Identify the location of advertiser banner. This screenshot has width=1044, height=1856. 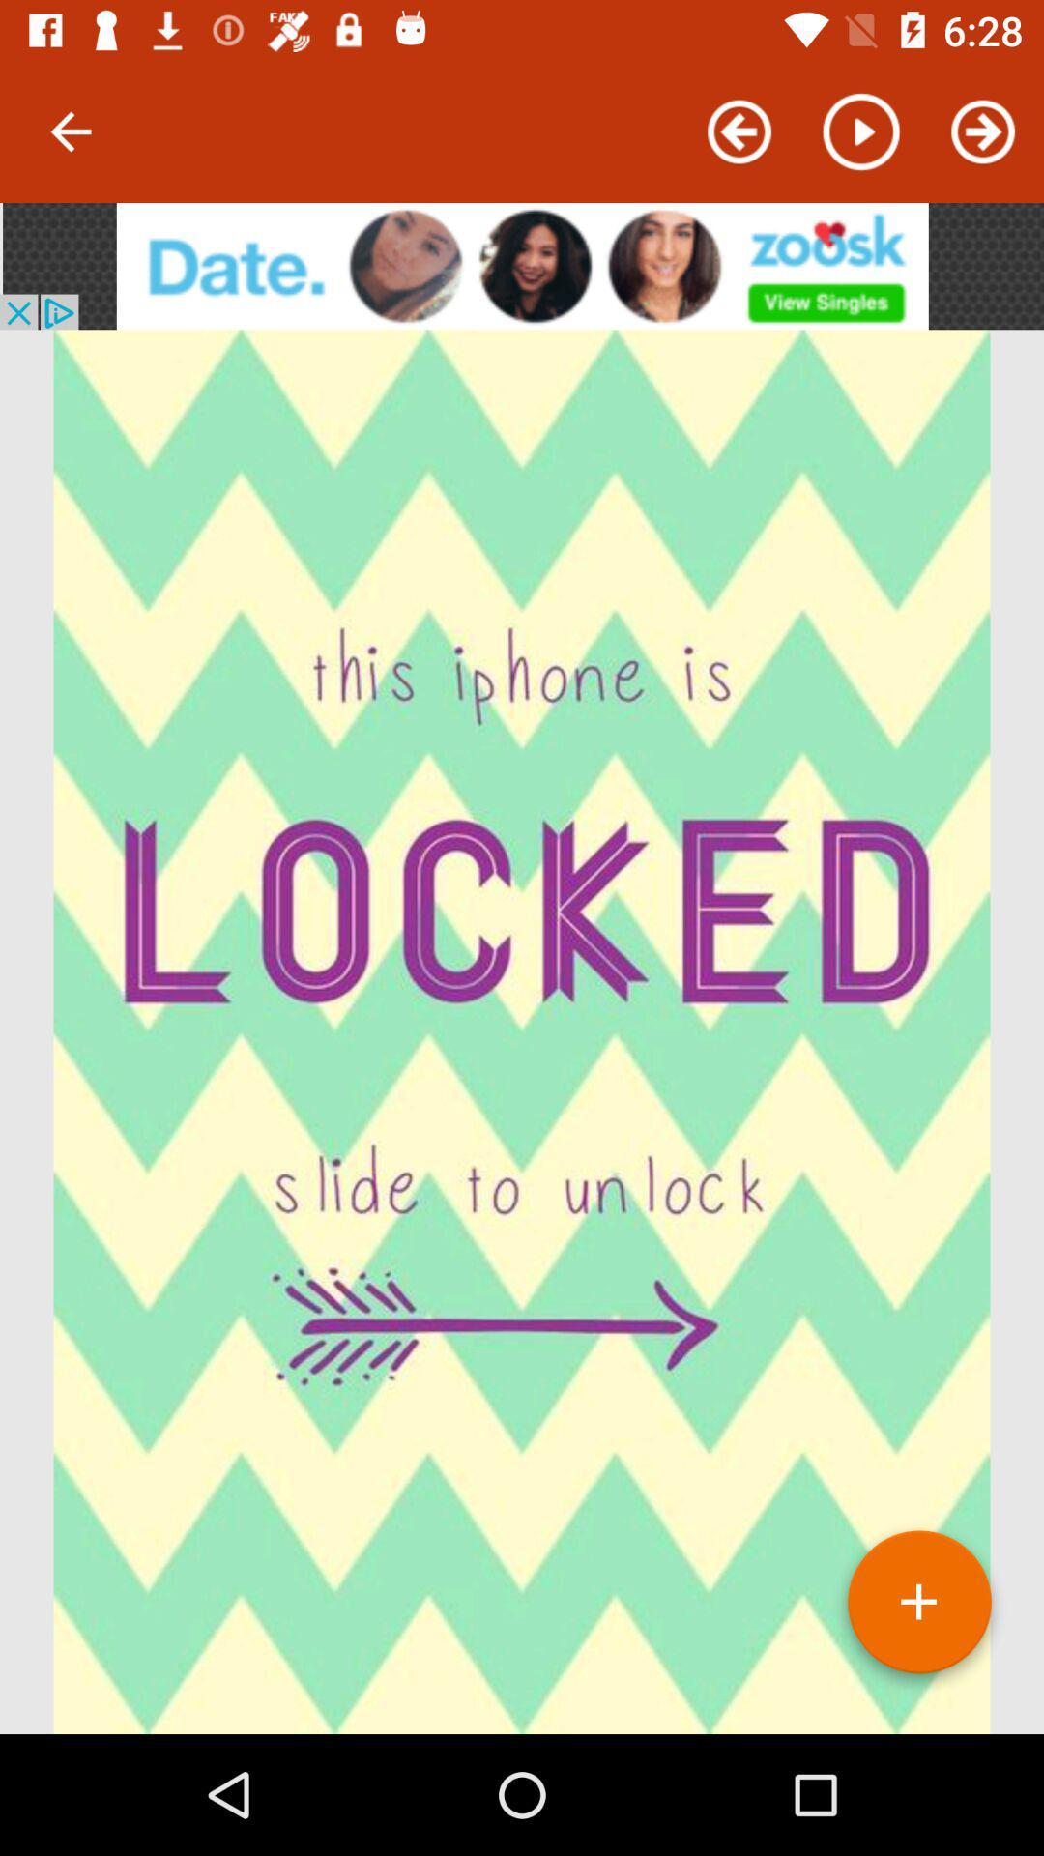
(522, 265).